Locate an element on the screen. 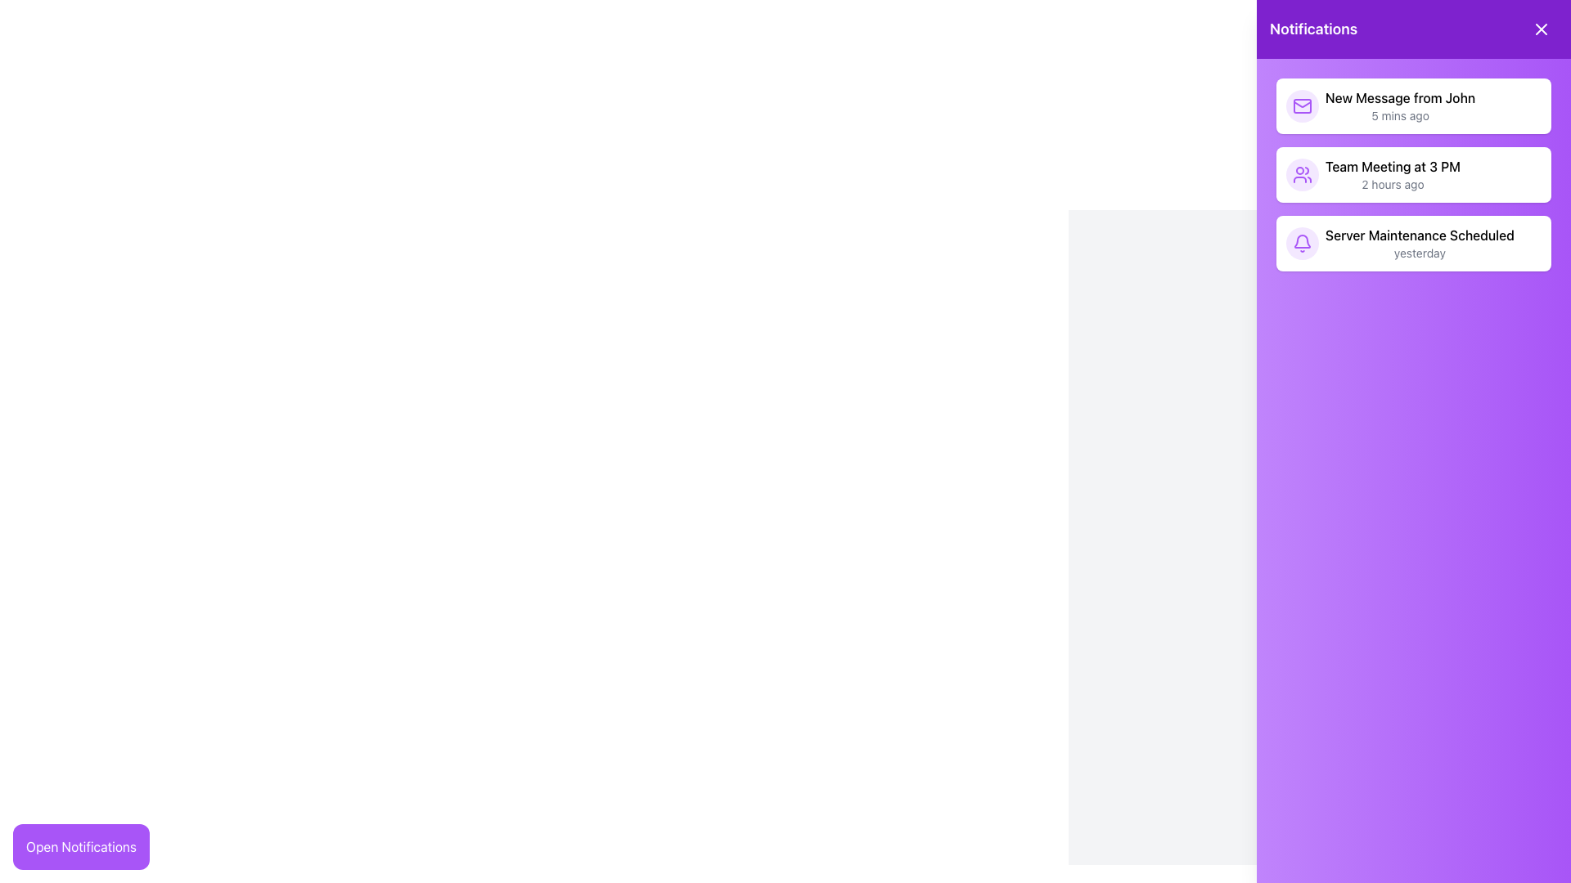 The image size is (1571, 883). the text label displaying 'New Message from John' located in the notifications panel is located at coordinates (1399, 97).